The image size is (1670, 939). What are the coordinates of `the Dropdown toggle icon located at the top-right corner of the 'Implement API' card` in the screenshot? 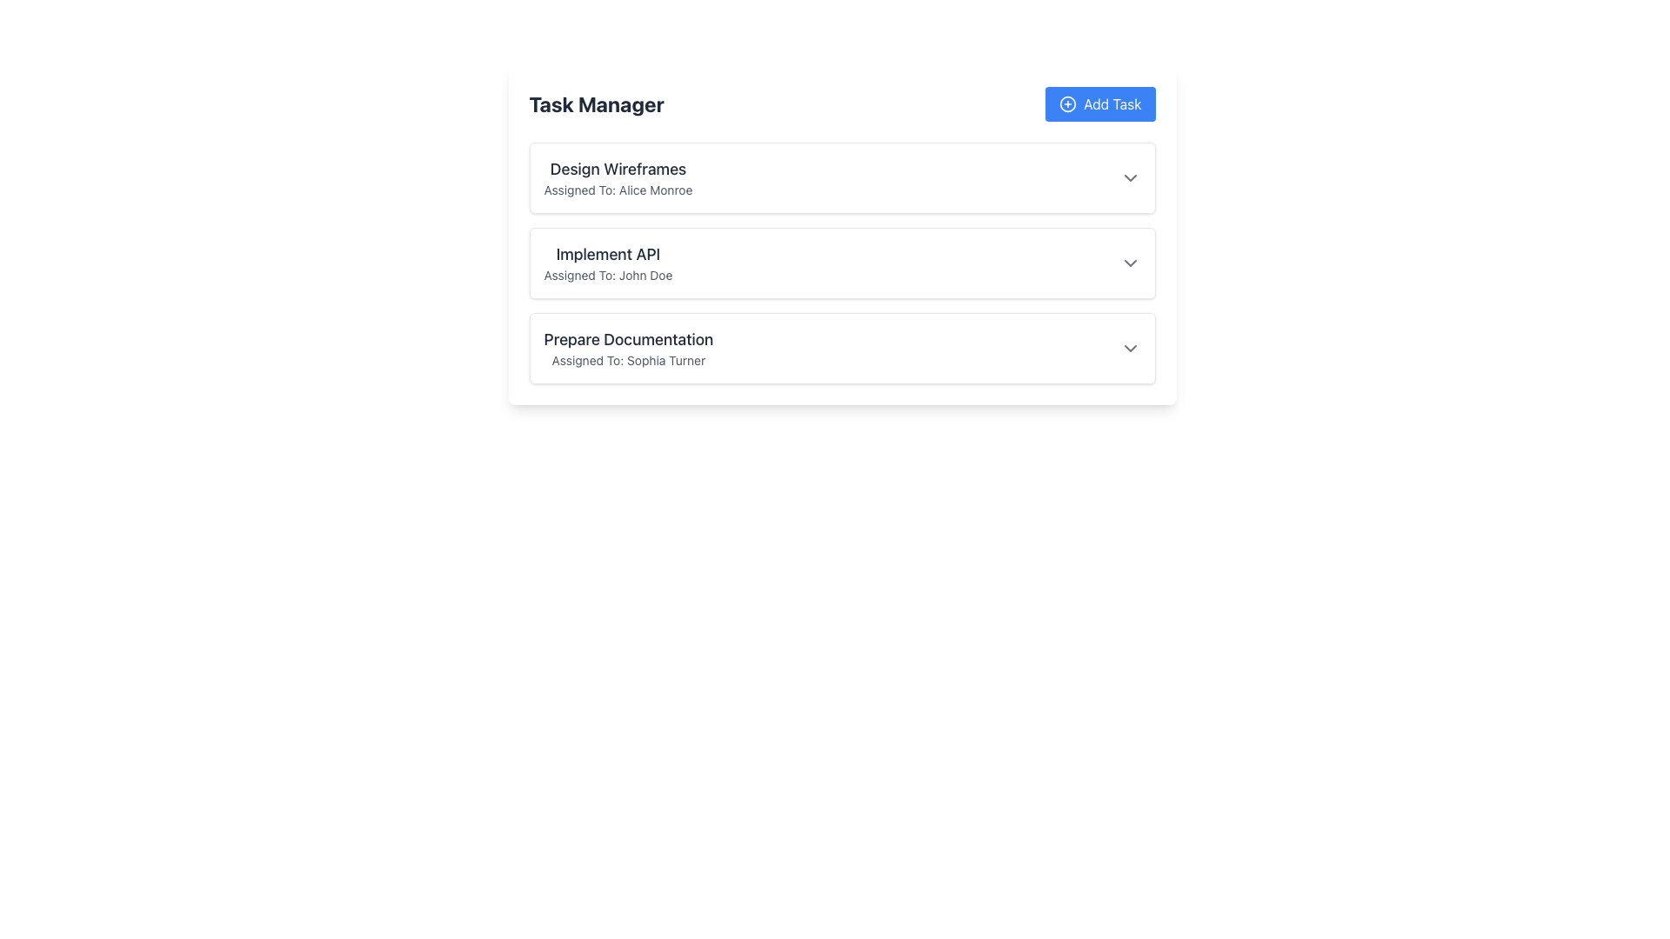 It's located at (1130, 263).